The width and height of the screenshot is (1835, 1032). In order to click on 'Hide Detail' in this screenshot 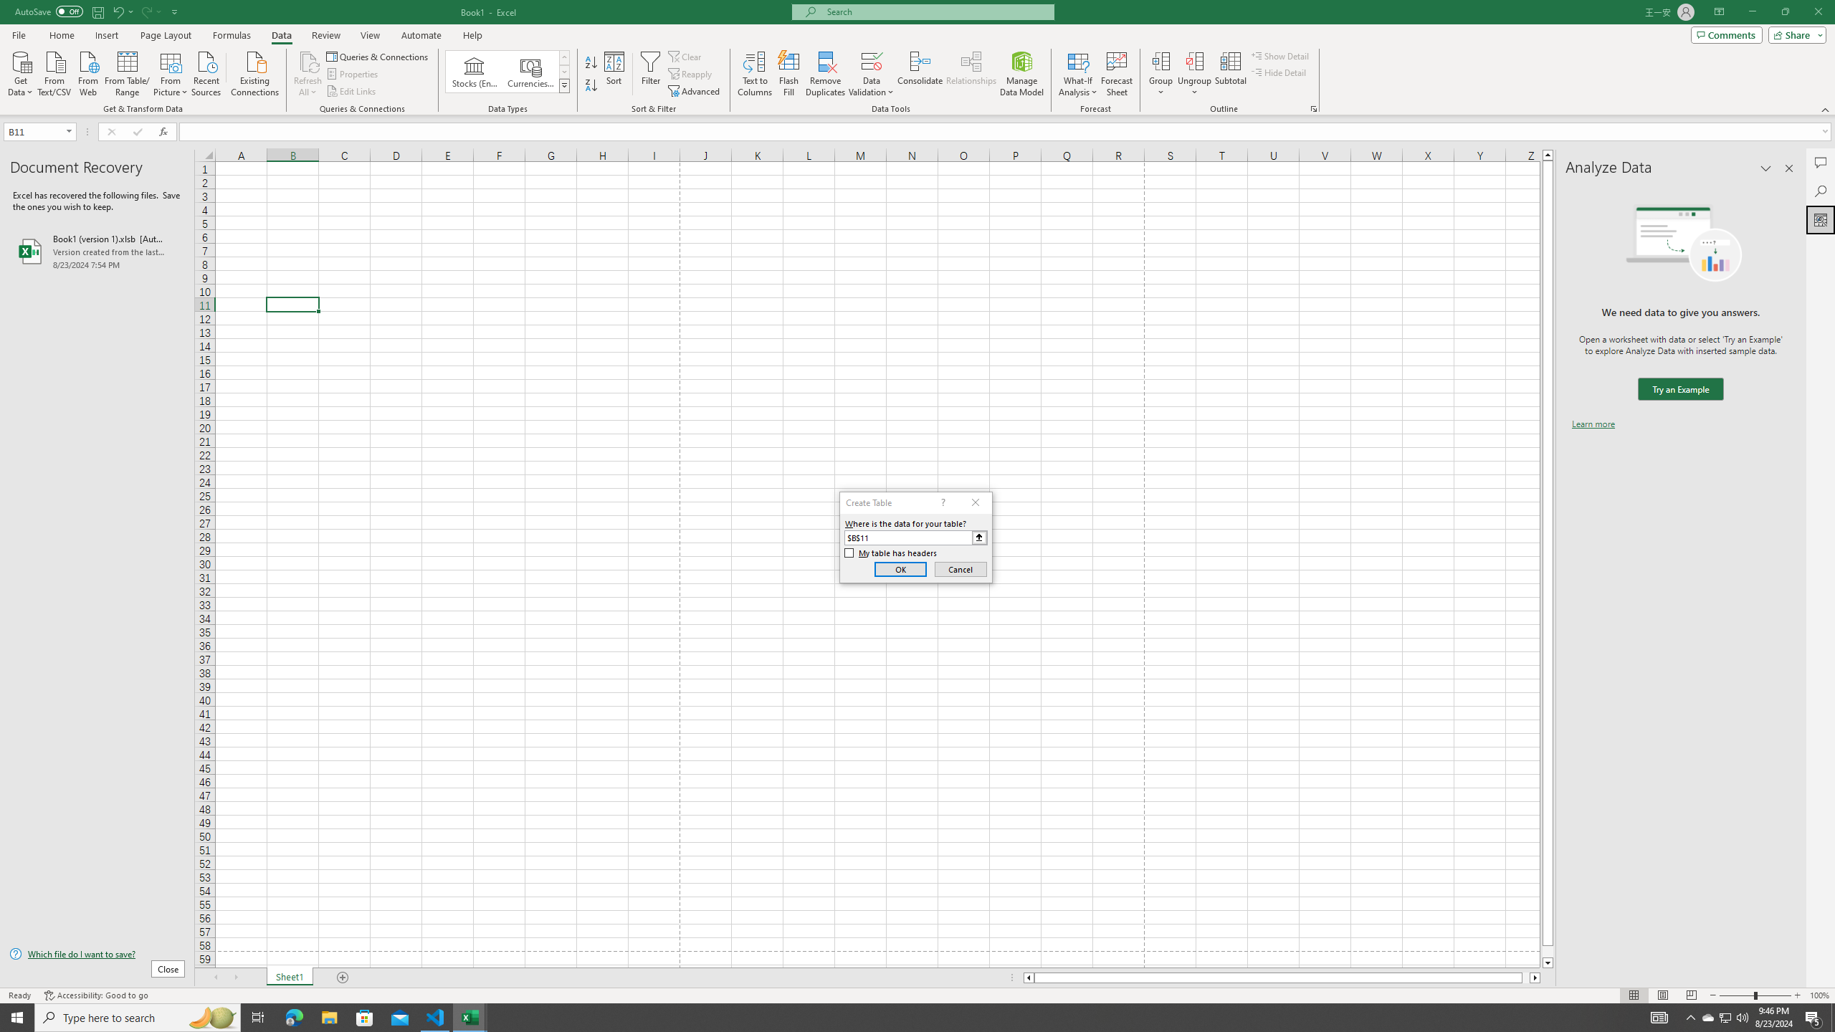, I will do `click(1279, 71)`.